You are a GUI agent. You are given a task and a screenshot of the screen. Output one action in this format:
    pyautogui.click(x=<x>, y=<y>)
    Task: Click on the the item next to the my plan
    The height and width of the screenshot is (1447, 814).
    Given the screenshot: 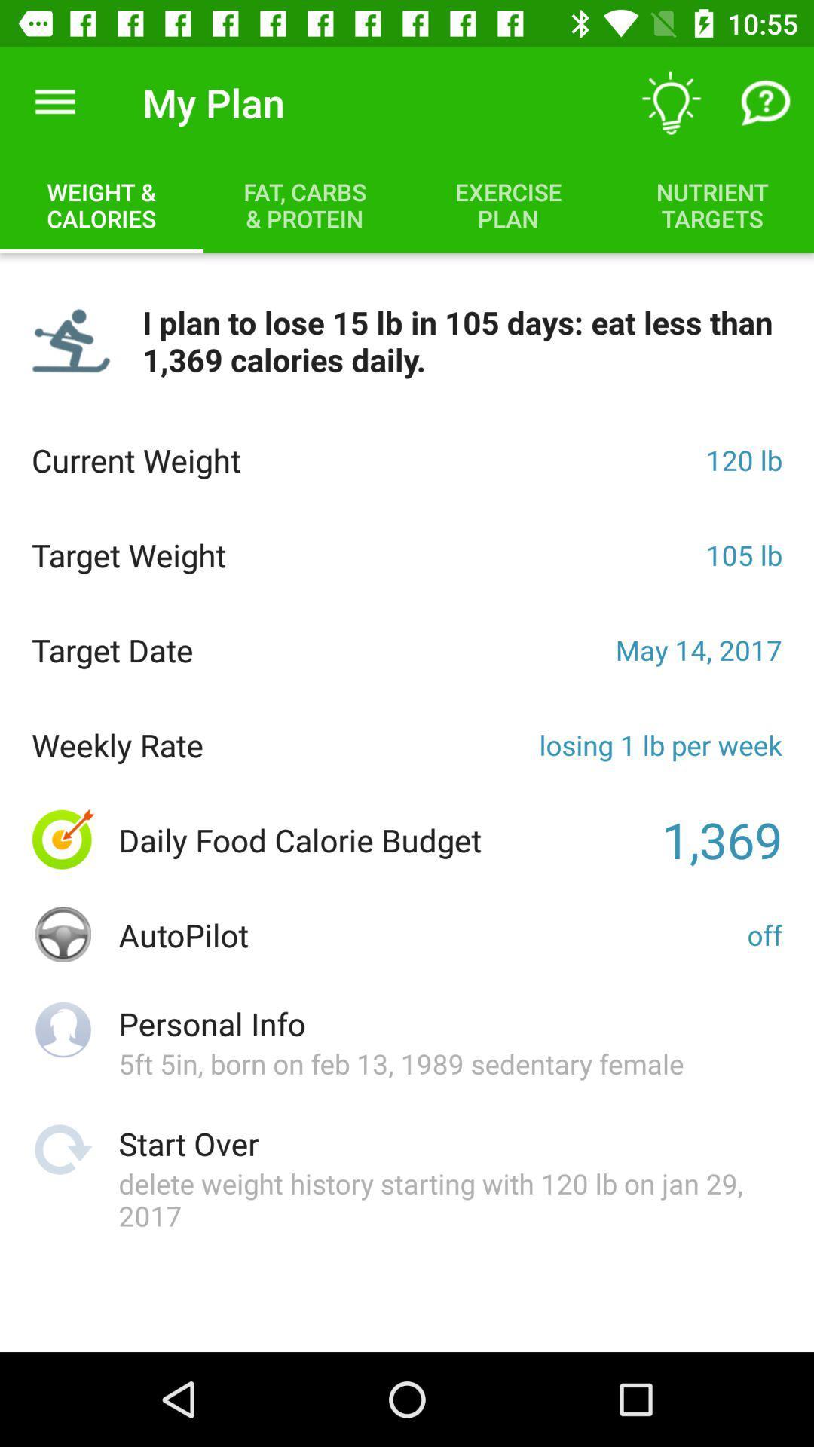 What is the action you would take?
    pyautogui.click(x=671, y=102)
    